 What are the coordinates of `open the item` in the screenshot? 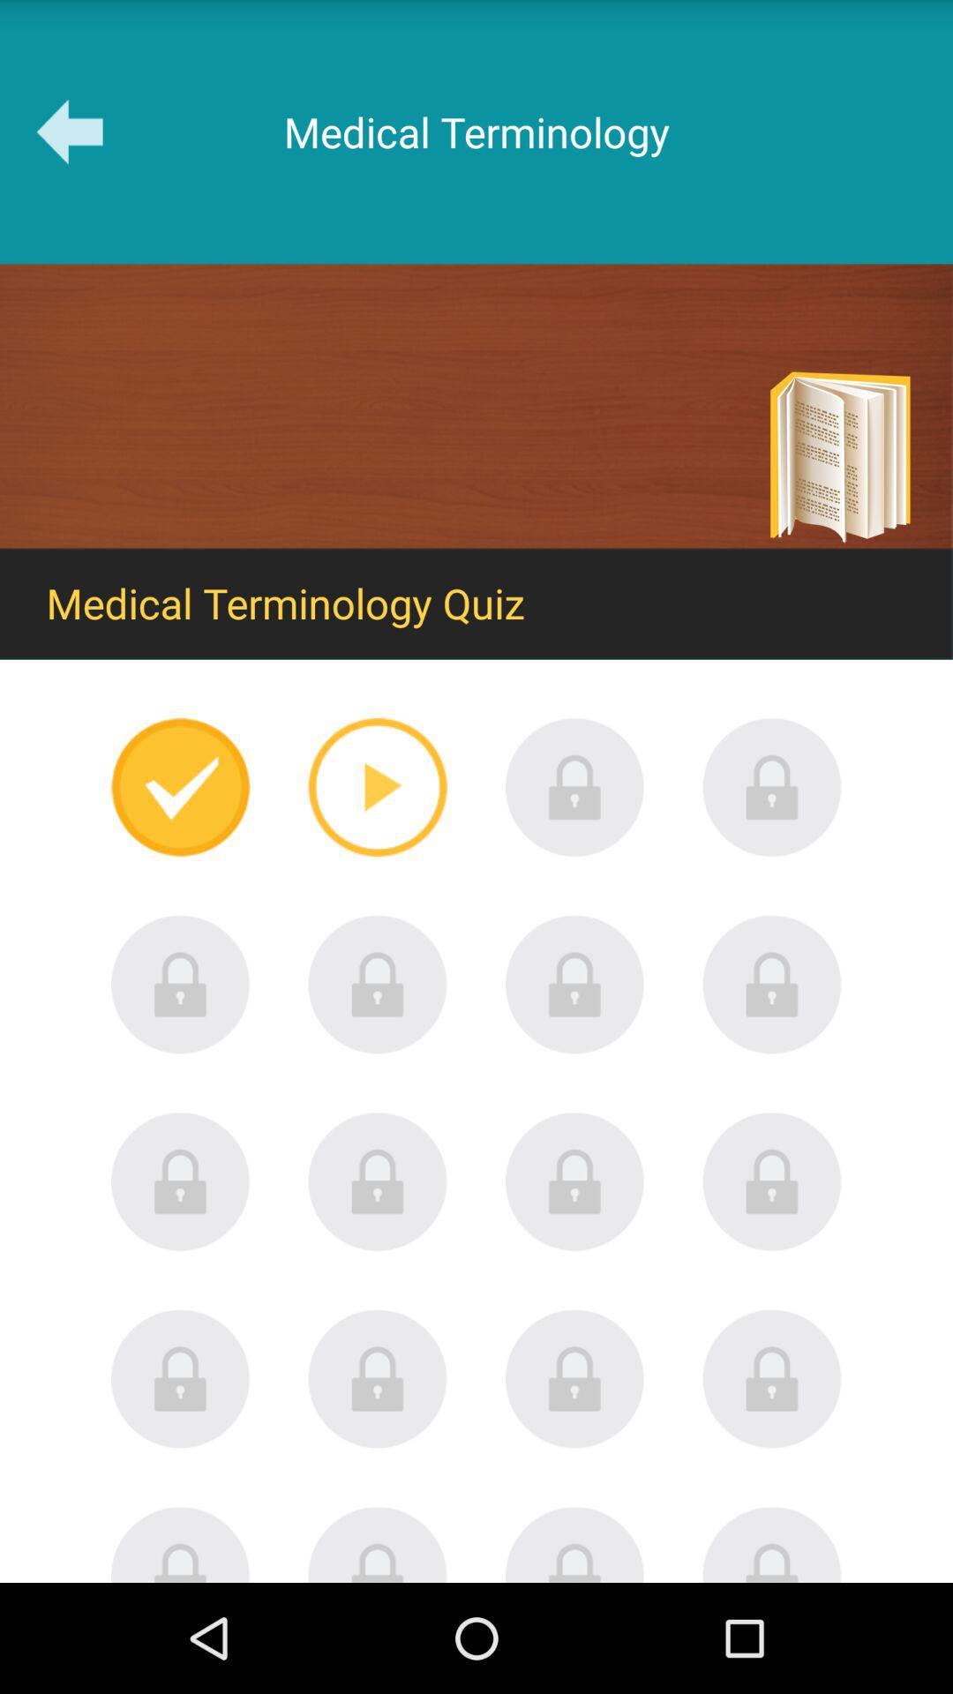 It's located at (574, 1378).